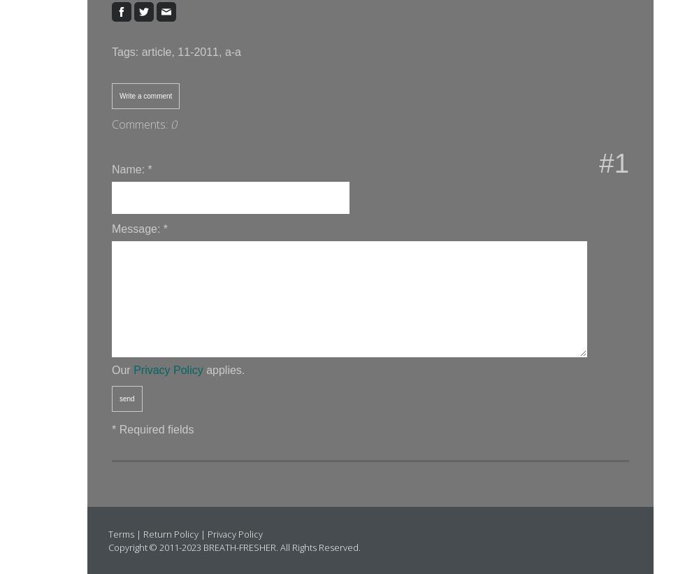  I want to click on 'Comments:', so click(140, 124).